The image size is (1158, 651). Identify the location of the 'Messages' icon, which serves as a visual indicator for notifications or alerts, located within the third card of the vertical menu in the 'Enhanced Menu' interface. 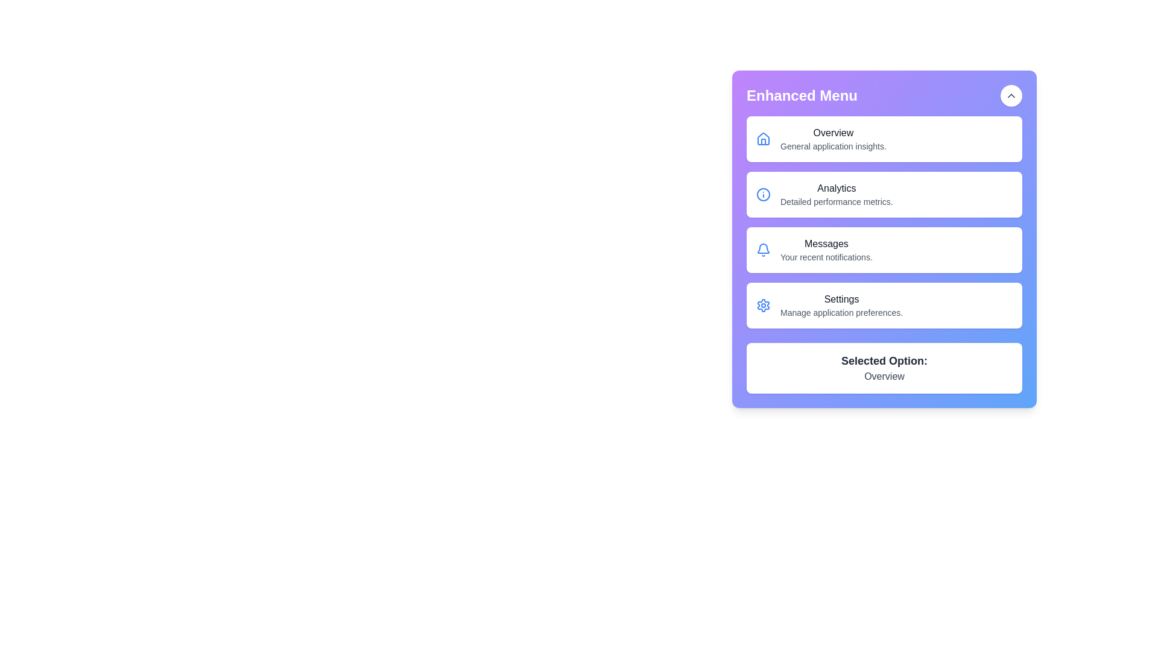
(763, 250).